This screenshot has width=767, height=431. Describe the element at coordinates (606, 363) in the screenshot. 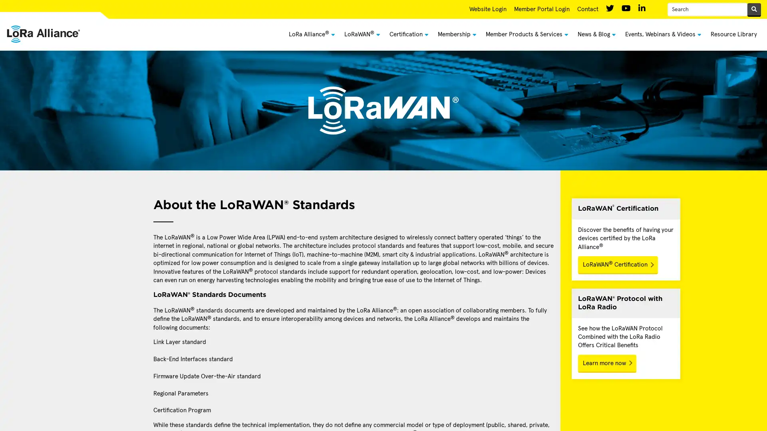

I see `Learn more now` at that location.